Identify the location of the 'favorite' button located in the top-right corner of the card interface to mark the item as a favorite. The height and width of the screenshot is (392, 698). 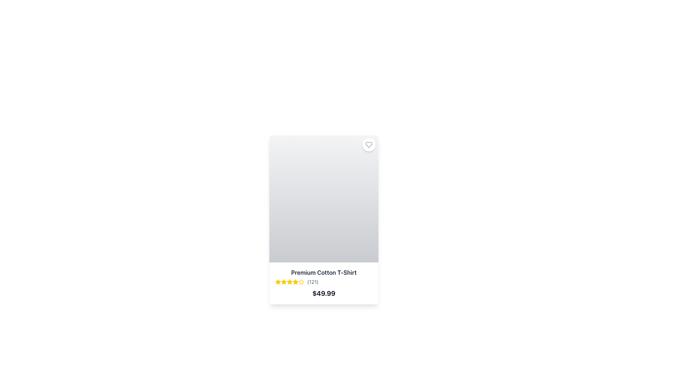
(369, 144).